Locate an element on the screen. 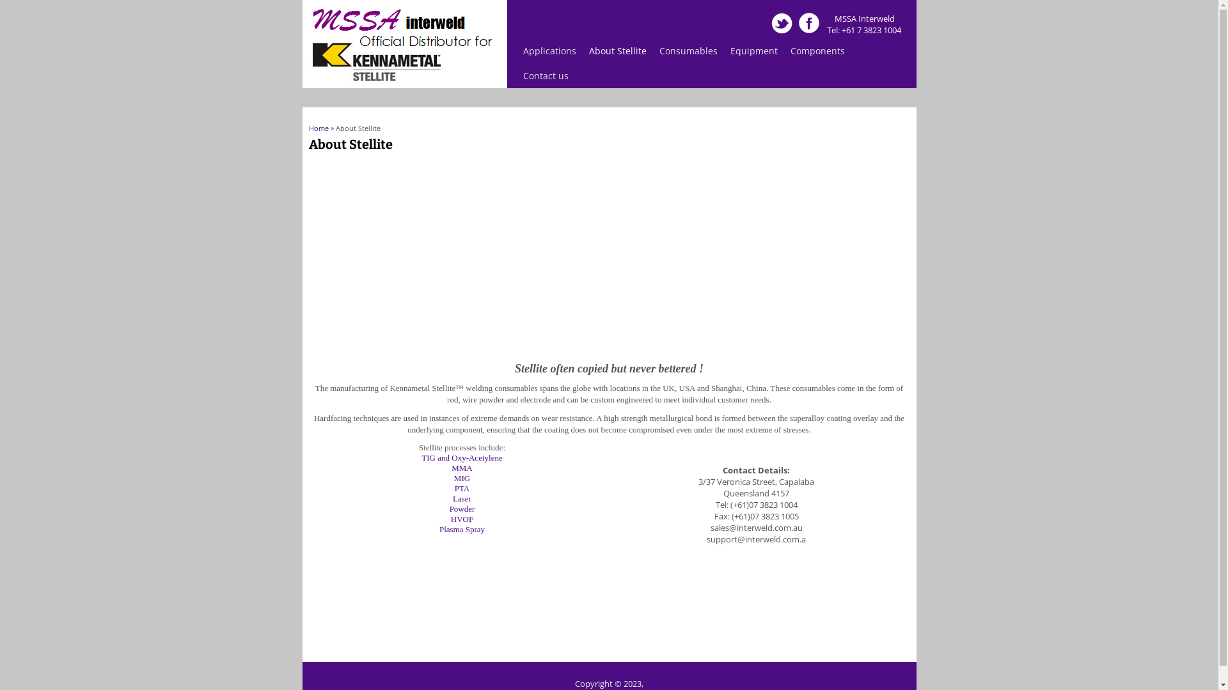 Image resolution: width=1228 pixels, height=690 pixels. 'TIG and Oxy-Acetylene' is located at coordinates (460, 457).